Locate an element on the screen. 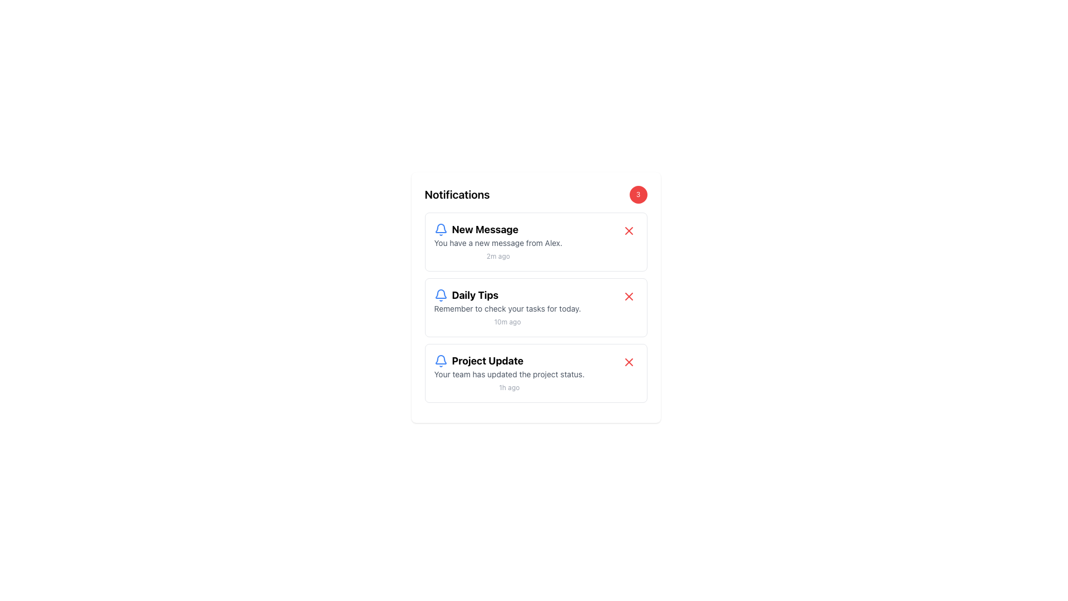 The width and height of the screenshot is (1068, 601). the dismiss button located on the right-hand side of the 'New Message' notification item is located at coordinates (629, 230).